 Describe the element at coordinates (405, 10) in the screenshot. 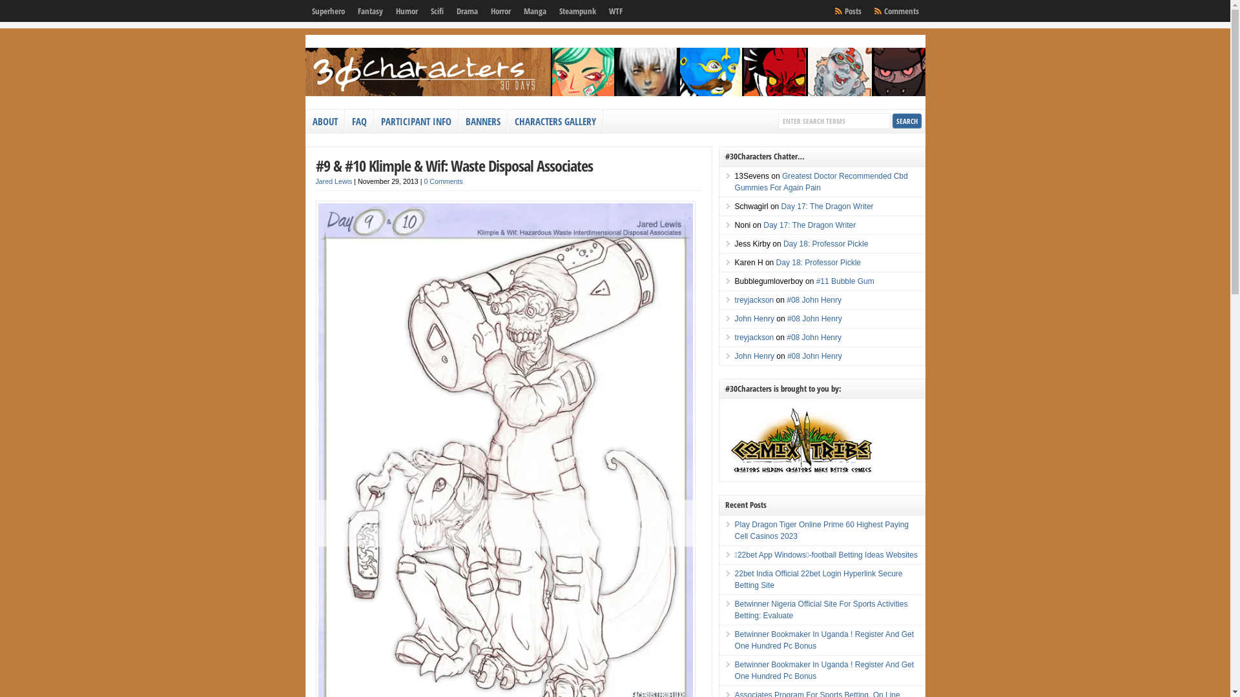

I see `'Humor'` at that location.